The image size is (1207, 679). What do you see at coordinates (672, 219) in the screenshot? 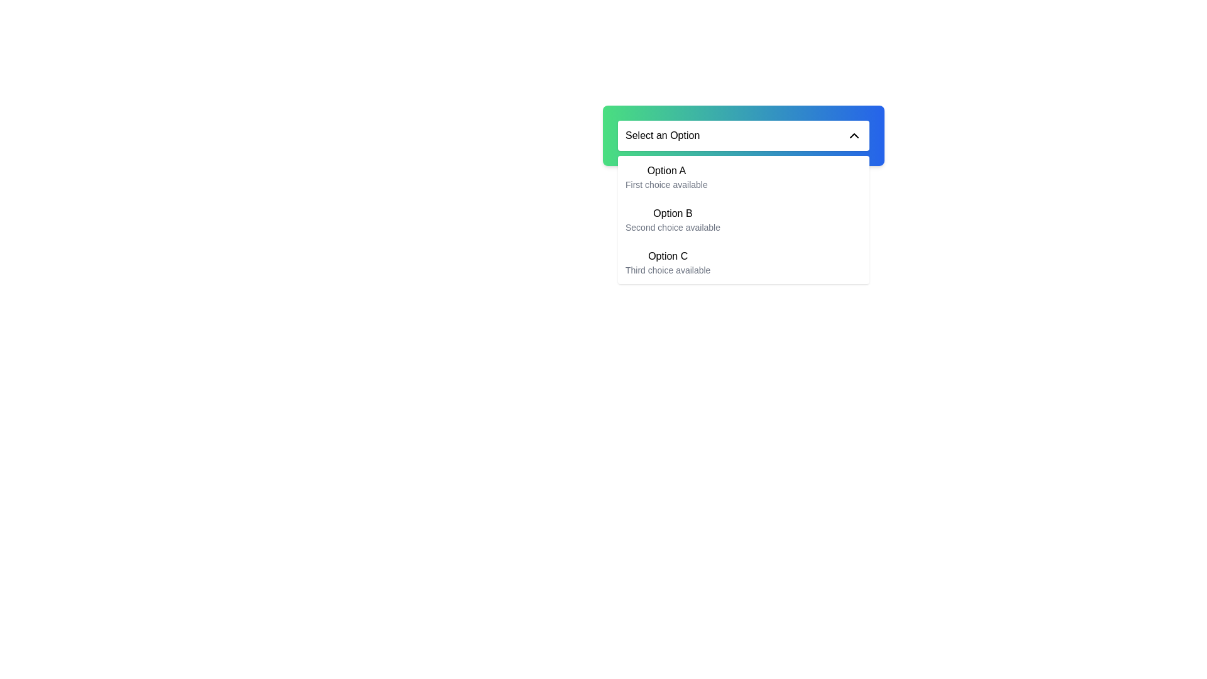
I see `the 'Option B' menu item in the dropdown selection` at bounding box center [672, 219].